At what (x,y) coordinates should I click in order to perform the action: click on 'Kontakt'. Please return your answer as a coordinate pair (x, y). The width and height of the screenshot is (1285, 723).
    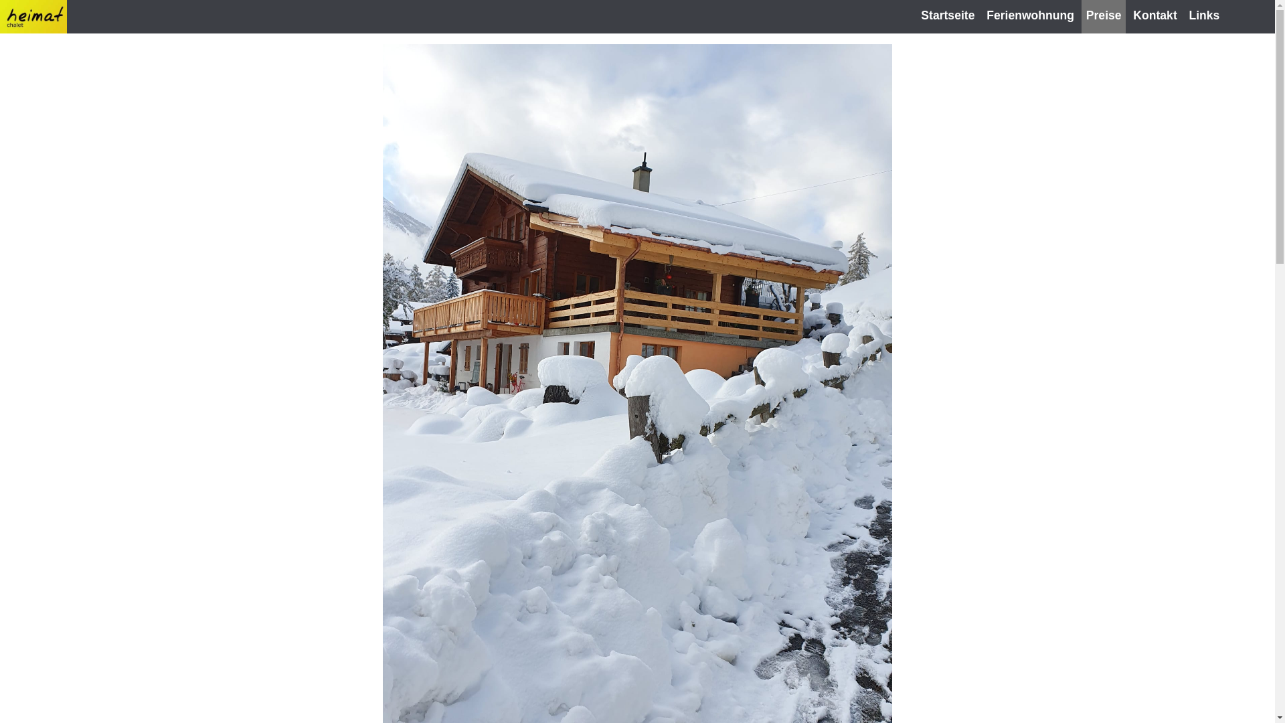
    Looking at the image, I should click on (1132, 15).